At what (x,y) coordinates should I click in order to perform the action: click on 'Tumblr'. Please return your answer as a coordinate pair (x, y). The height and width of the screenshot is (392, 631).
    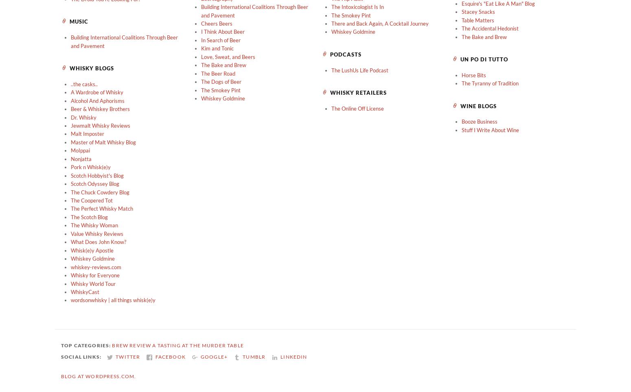
    Looking at the image, I should click on (254, 356).